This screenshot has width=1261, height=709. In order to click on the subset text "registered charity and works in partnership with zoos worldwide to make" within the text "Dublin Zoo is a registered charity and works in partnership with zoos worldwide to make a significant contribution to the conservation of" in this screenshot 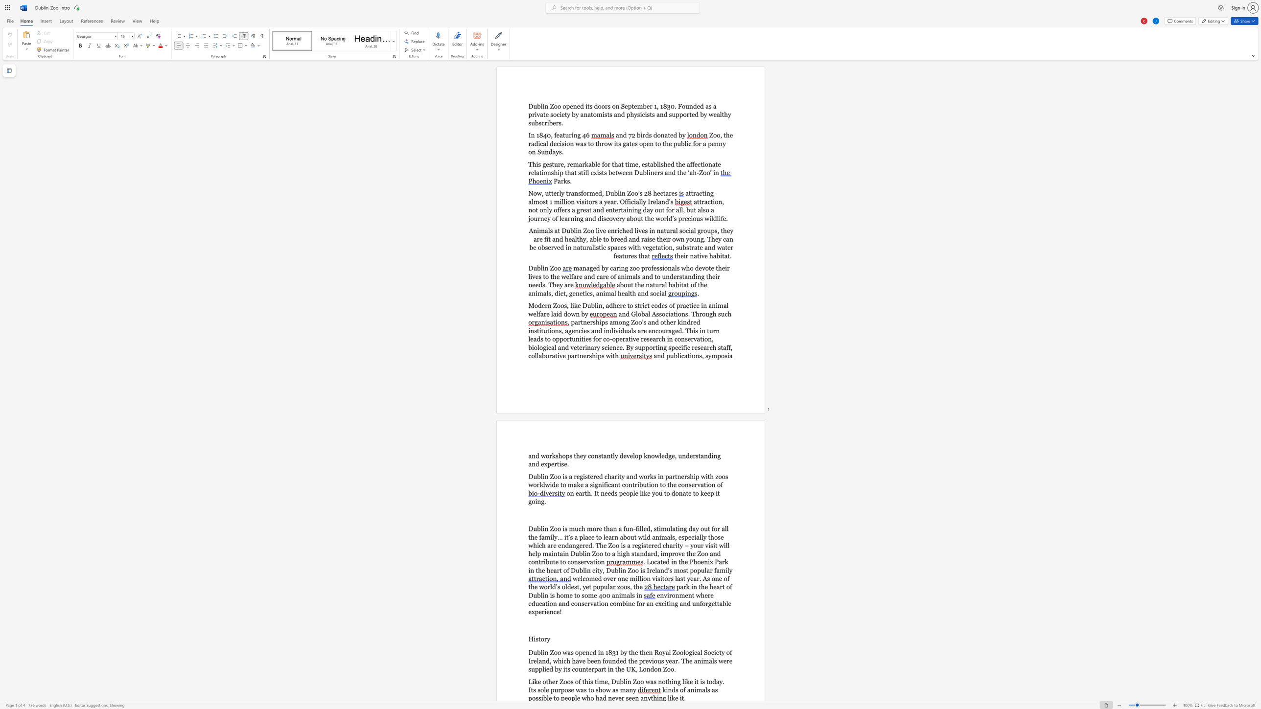, I will do `click(573, 476)`.